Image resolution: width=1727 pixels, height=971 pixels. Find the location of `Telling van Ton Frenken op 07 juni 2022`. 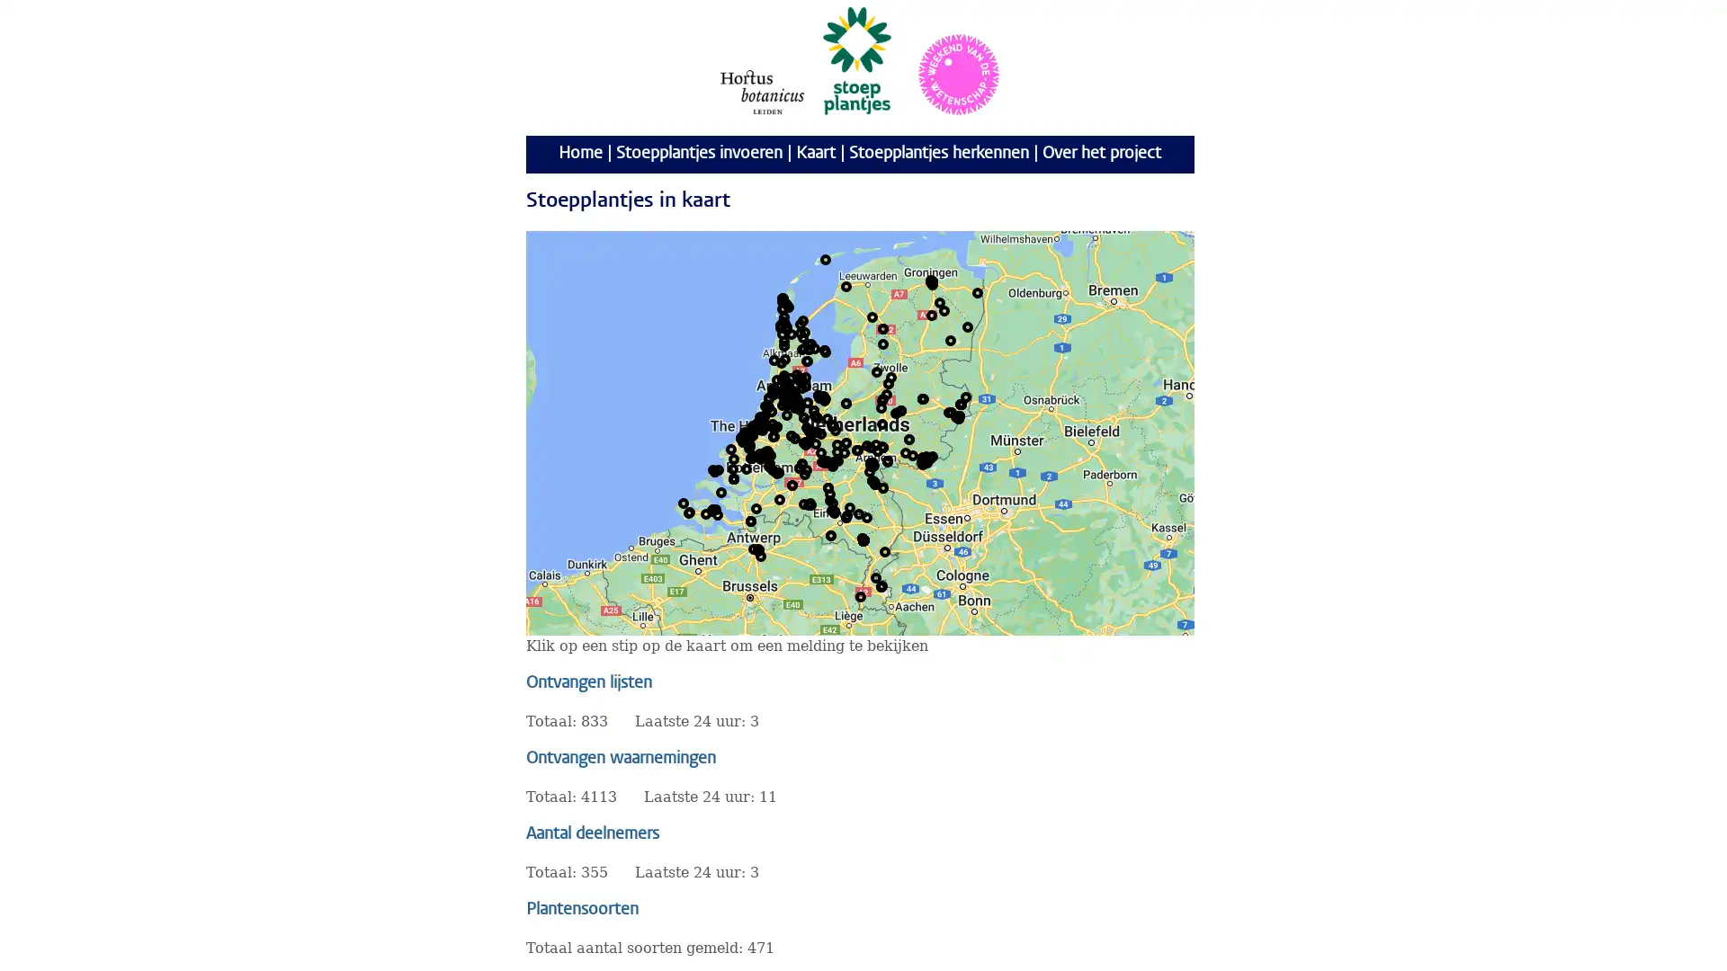

Telling van Ton Frenken op 07 juni 2022 is located at coordinates (863, 539).